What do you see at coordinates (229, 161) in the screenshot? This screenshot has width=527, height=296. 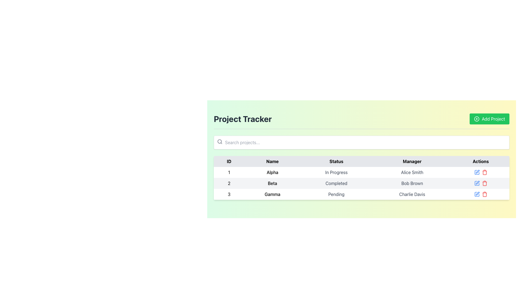 I see `the 'ID' column header in the table, which is the first column header among 'Name', 'Status', 'Manager', and 'Actions'` at bounding box center [229, 161].